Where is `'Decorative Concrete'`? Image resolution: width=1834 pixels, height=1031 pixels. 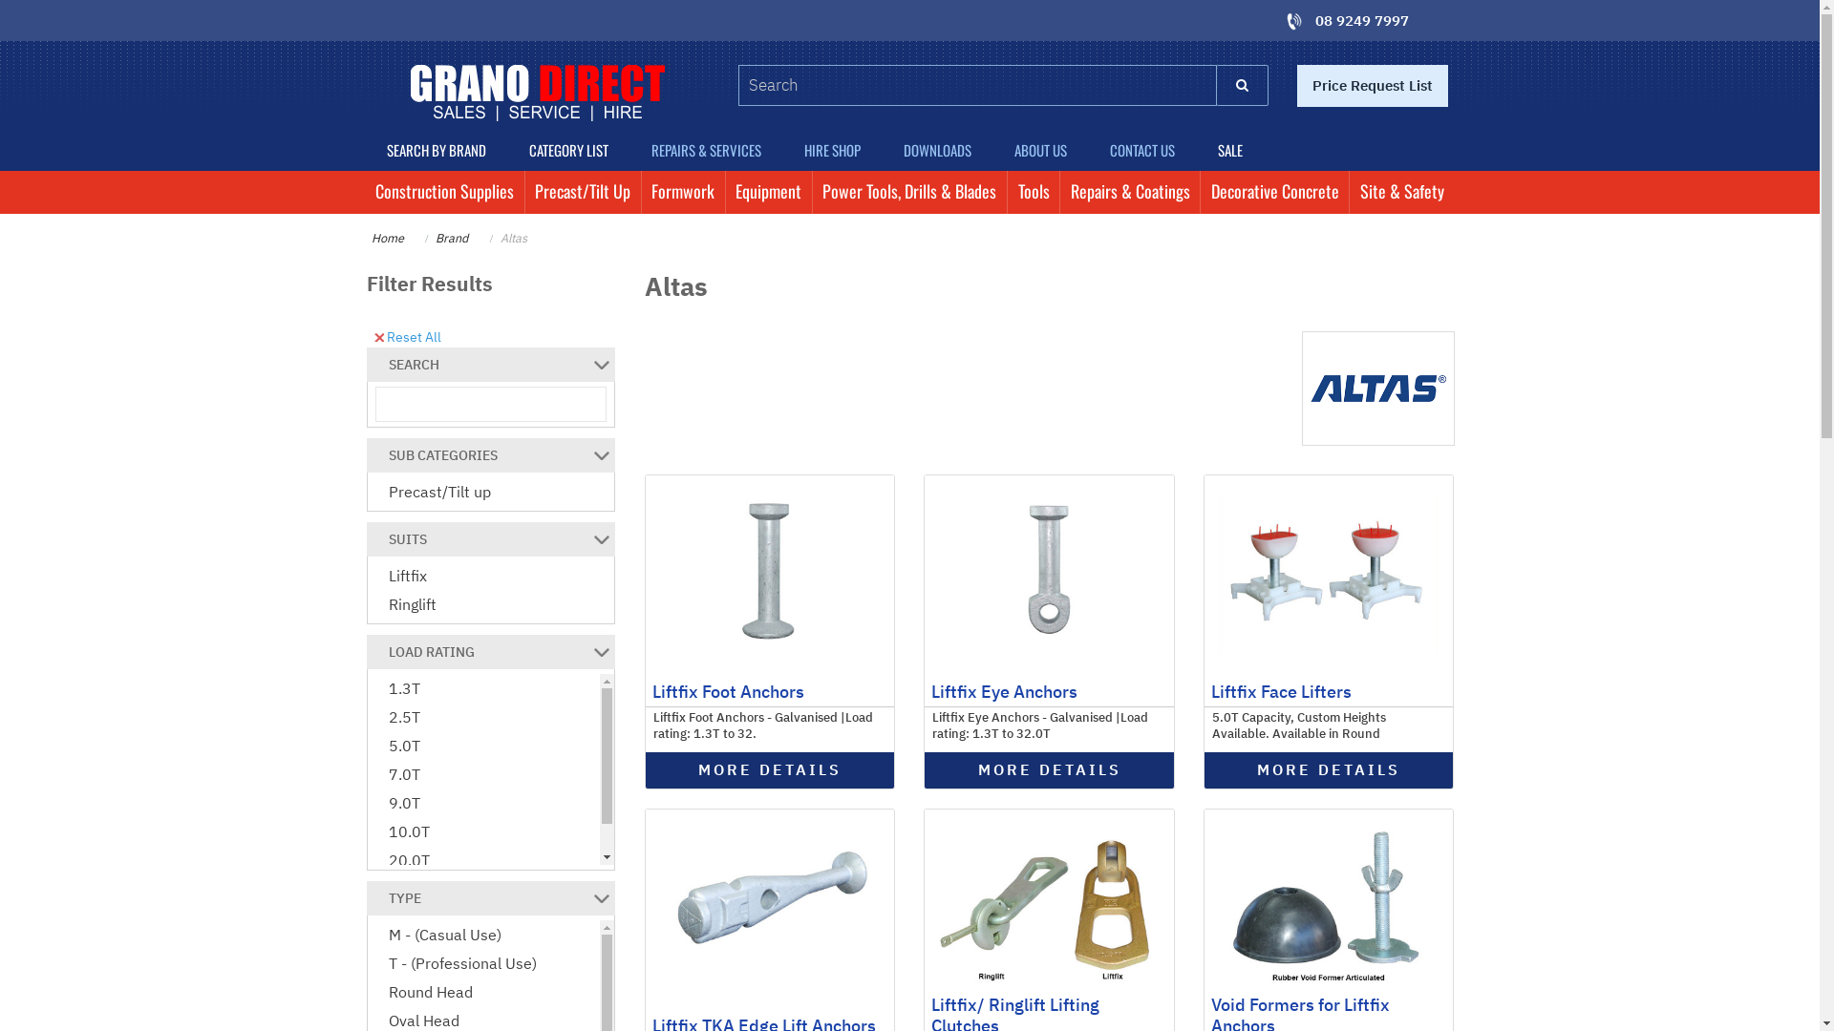
'Decorative Concrete' is located at coordinates (1274, 192).